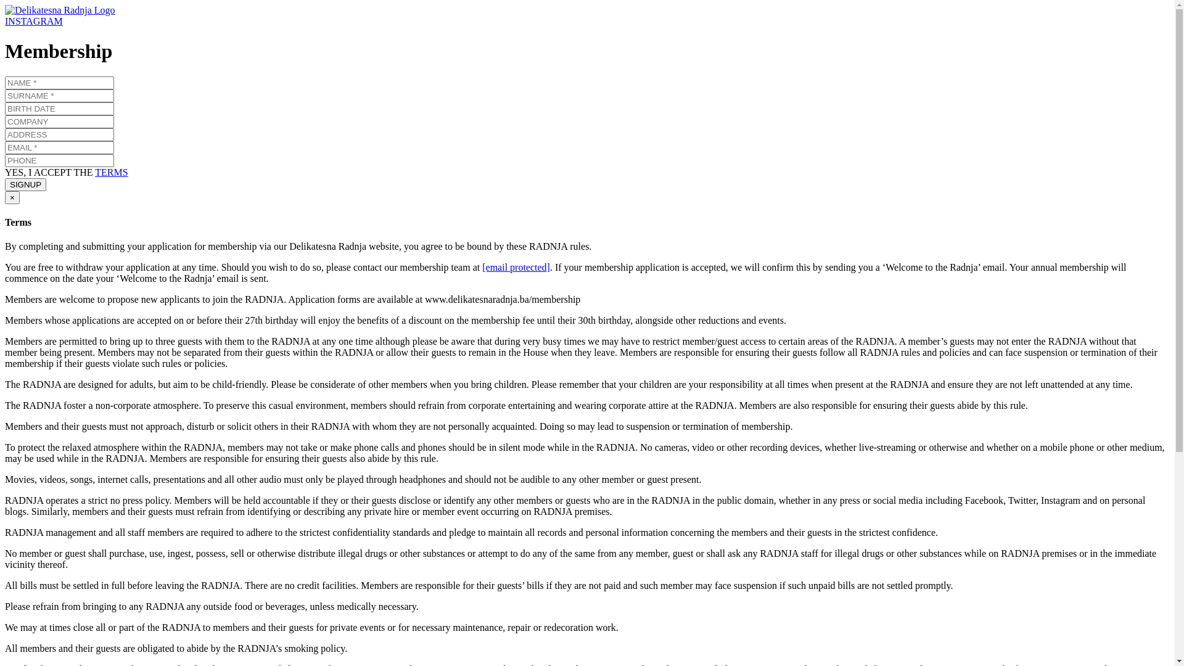 The height and width of the screenshot is (666, 1184). Describe the element at coordinates (59, 10) in the screenshot. I see `'Delikatesna Radnja Logo'` at that location.